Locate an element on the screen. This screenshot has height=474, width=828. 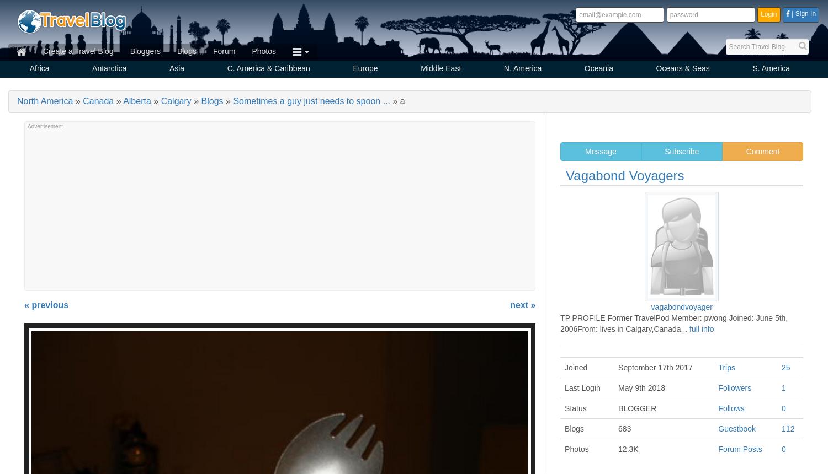
'C. America & Caribbean' is located at coordinates (268, 68).